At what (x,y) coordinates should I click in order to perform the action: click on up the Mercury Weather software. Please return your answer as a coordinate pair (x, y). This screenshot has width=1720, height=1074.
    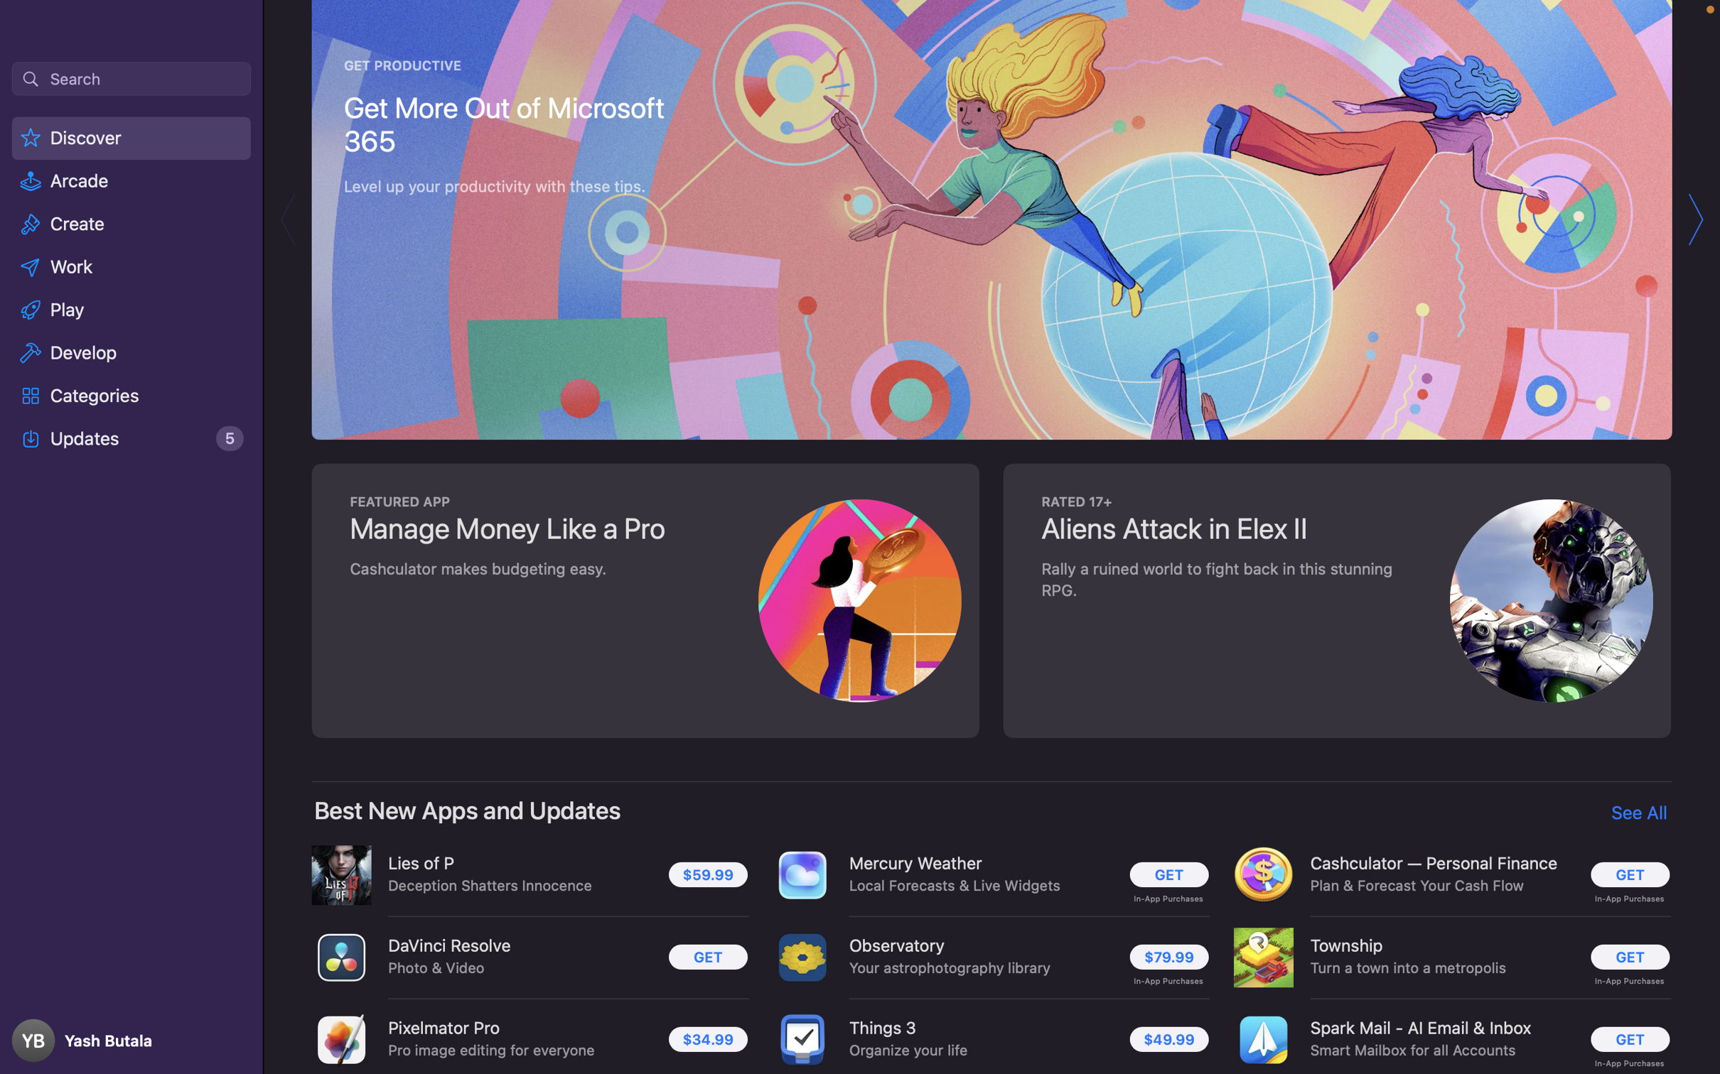
    Looking at the image, I should click on (1168, 876).